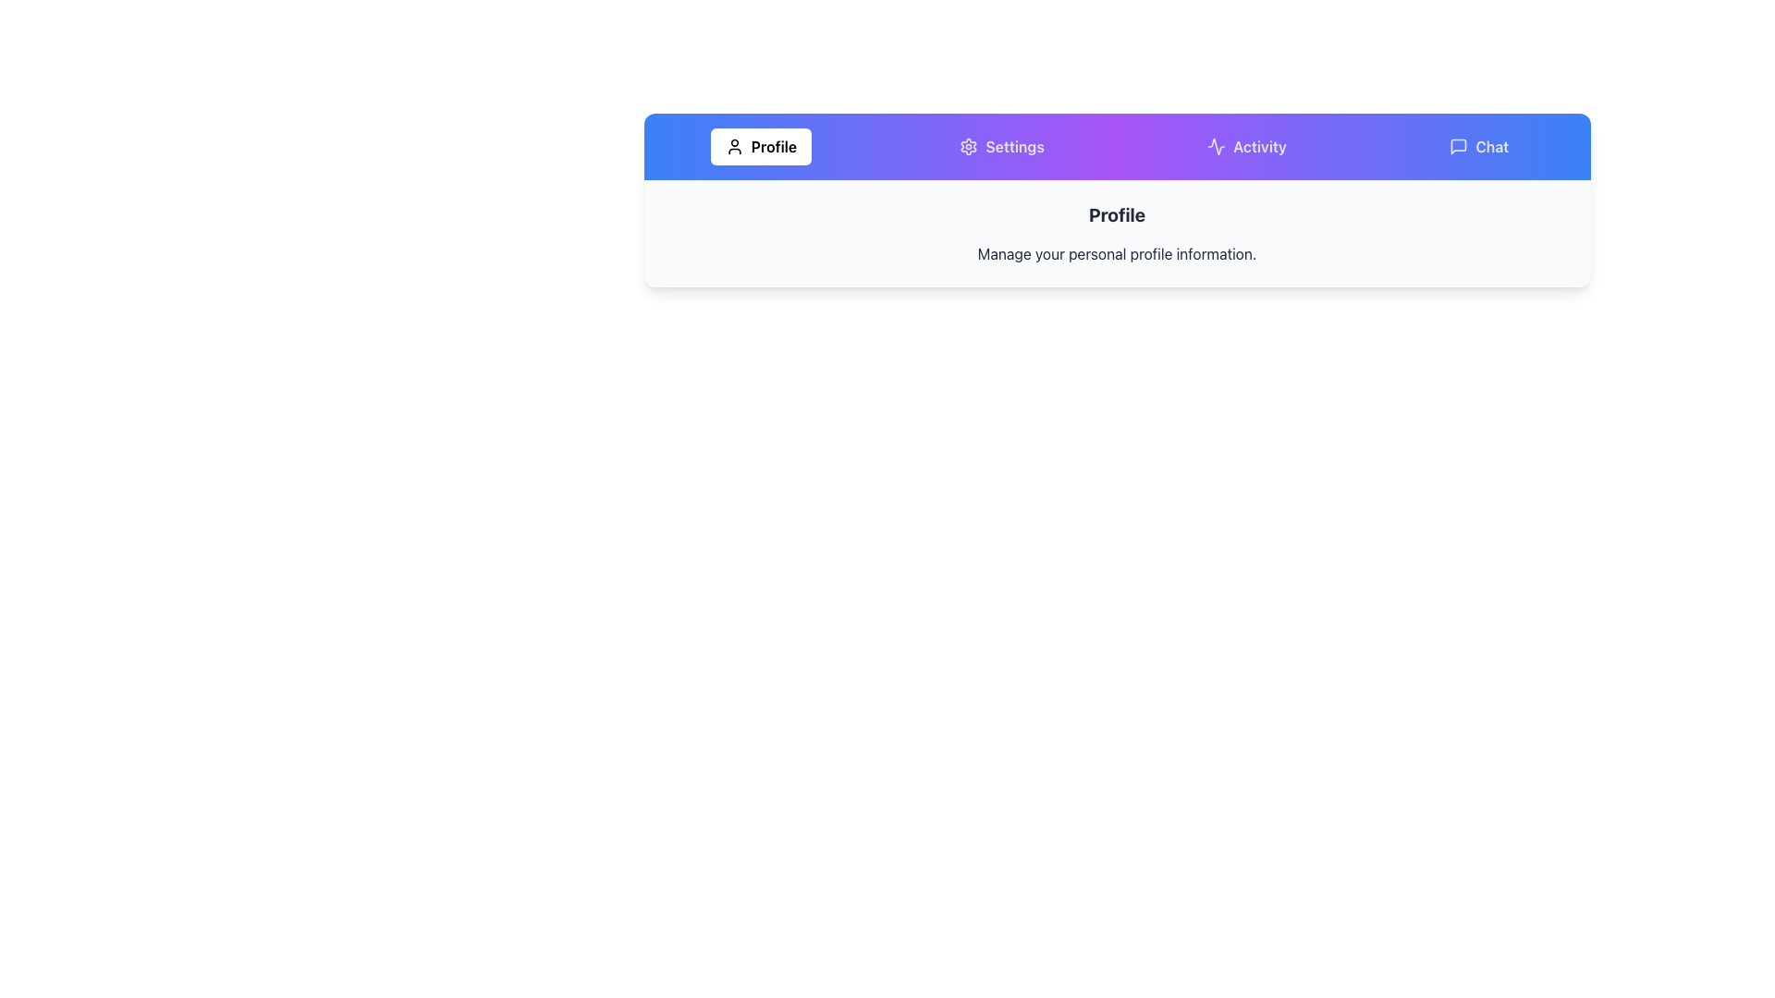 The height and width of the screenshot is (998, 1775). Describe the element at coordinates (1479, 145) in the screenshot. I see `the 'Chat' navigation button, which is the last item in the navigation bar at the top, featuring a chat bubble icon and a gradient background from purple to blue` at that location.